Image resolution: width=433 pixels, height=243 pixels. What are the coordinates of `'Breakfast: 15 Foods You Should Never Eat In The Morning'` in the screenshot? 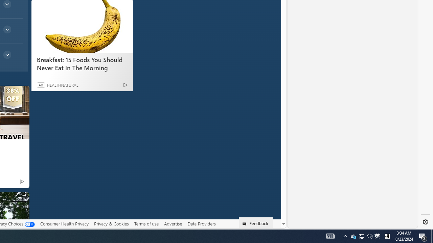 It's located at (82, 26).